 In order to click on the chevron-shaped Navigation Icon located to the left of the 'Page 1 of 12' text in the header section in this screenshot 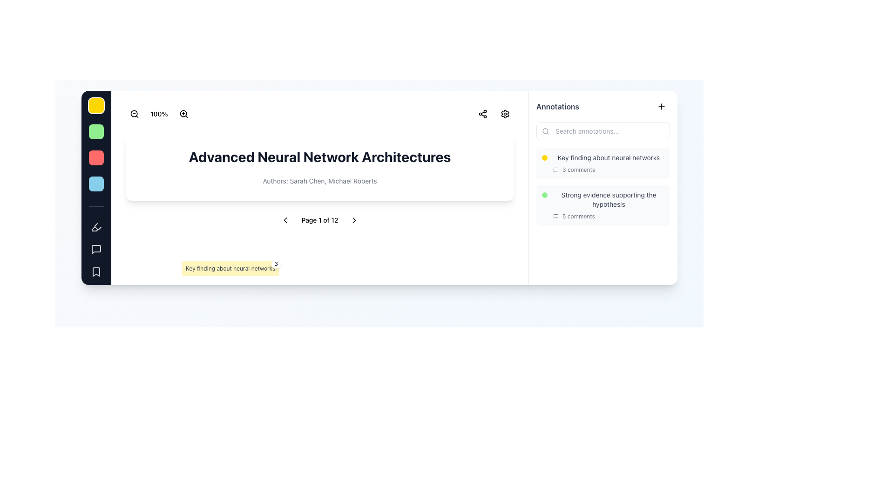, I will do `click(285, 220)`.